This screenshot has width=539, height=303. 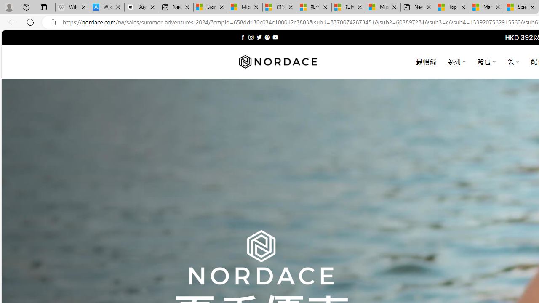 What do you see at coordinates (53, 22) in the screenshot?
I see `'View site information'` at bounding box center [53, 22].